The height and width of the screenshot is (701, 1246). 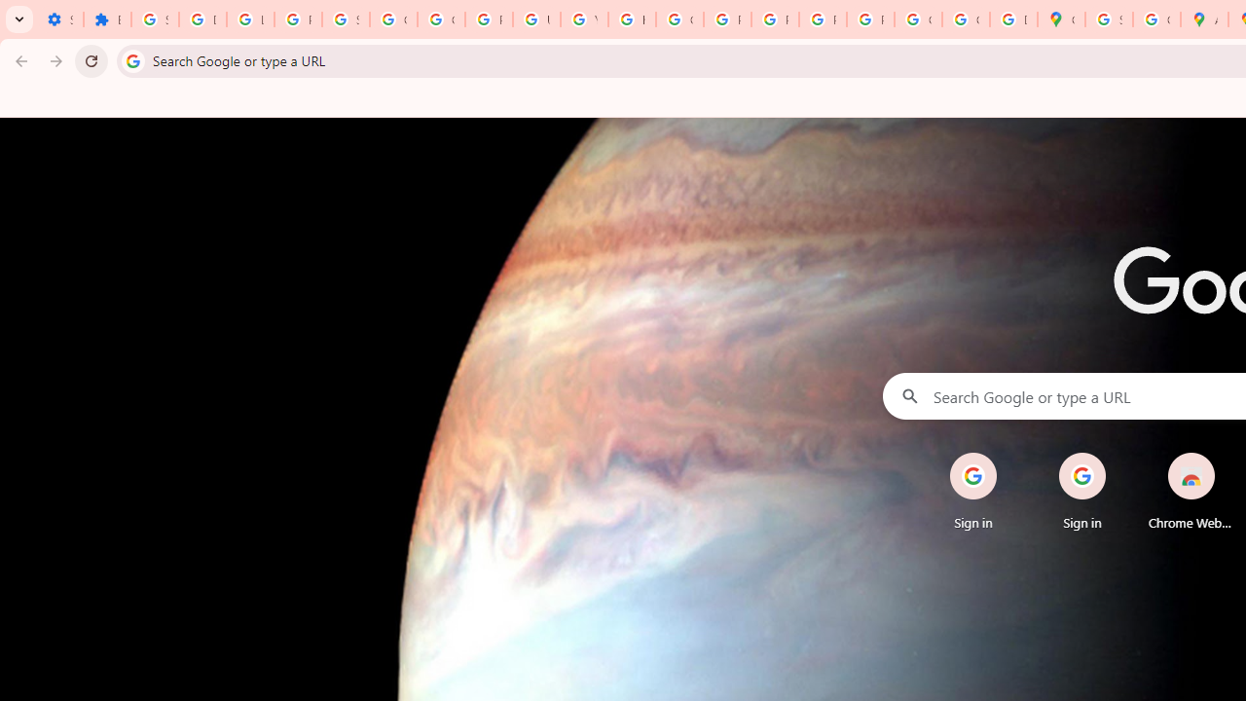 What do you see at coordinates (1060, 19) in the screenshot?
I see `'Google Maps'` at bounding box center [1060, 19].